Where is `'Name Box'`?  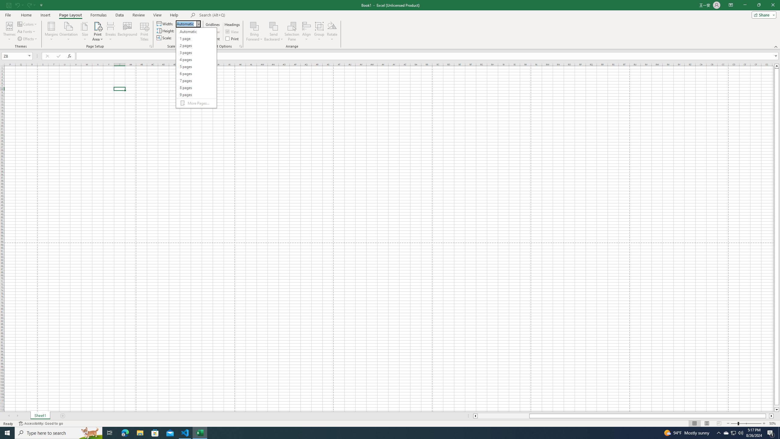
'Name Box' is located at coordinates (15, 56).